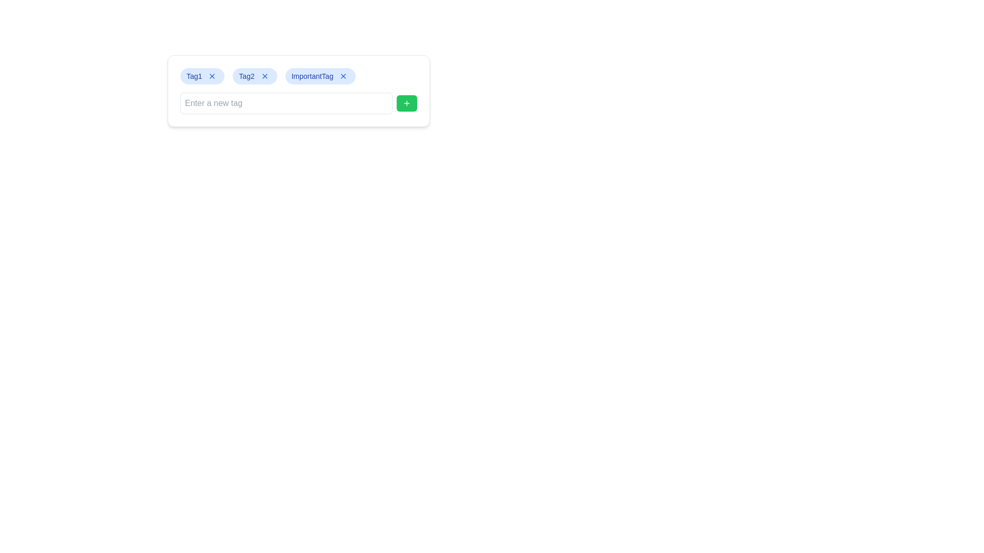  What do you see at coordinates (406, 103) in the screenshot?
I see `the plus sign icon located within the green rectangular button at the bottom right of the text input field` at bounding box center [406, 103].